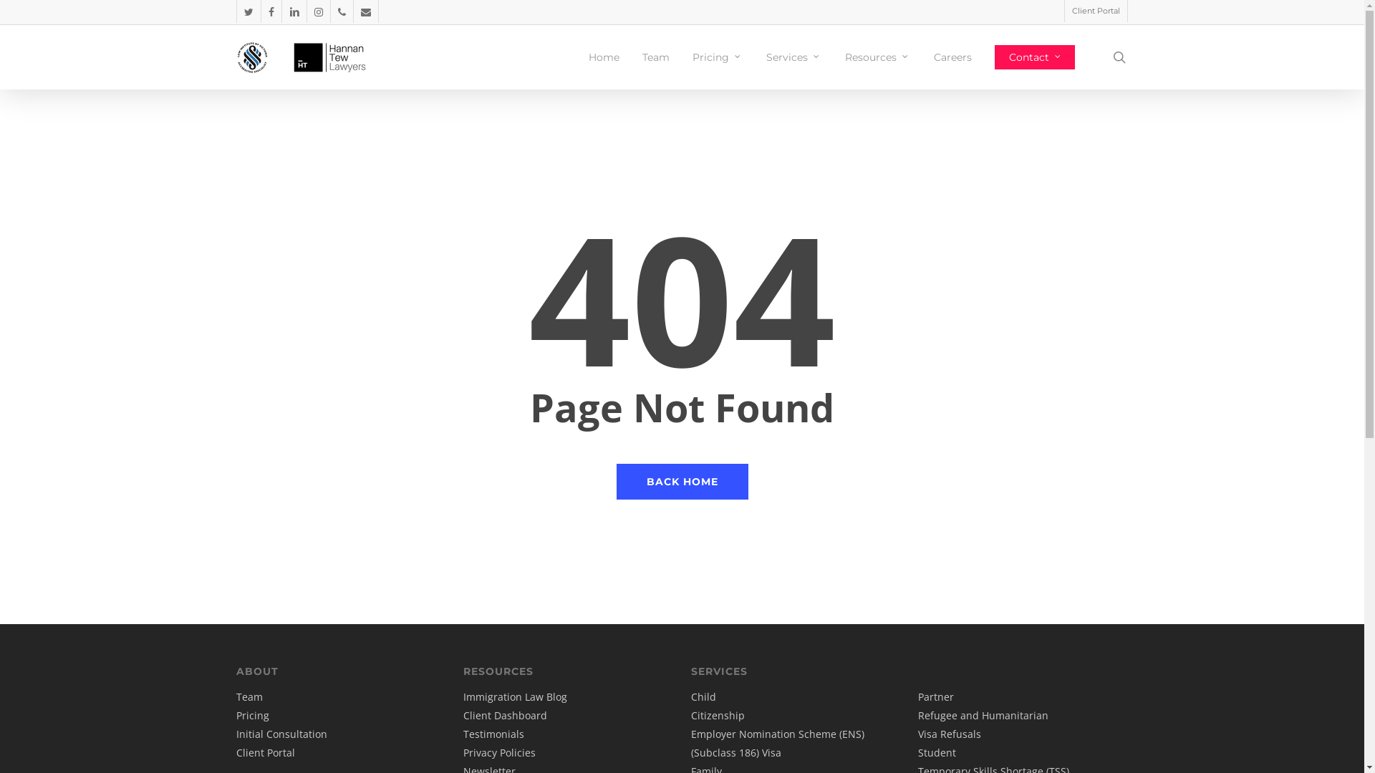 The width and height of the screenshot is (1375, 773). What do you see at coordinates (1095, 11) in the screenshot?
I see `'Client Portal'` at bounding box center [1095, 11].